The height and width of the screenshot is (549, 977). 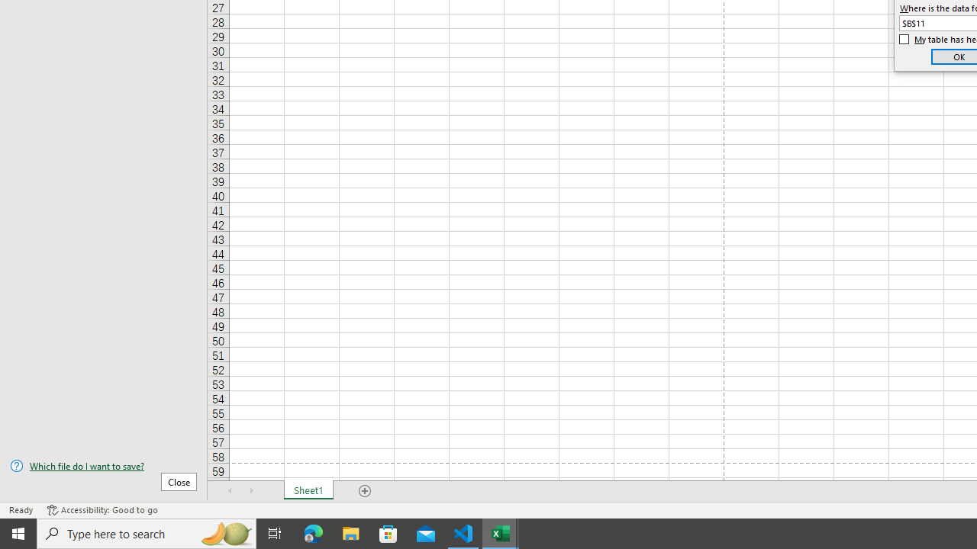 I want to click on 'Sheet1', so click(x=308, y=491).